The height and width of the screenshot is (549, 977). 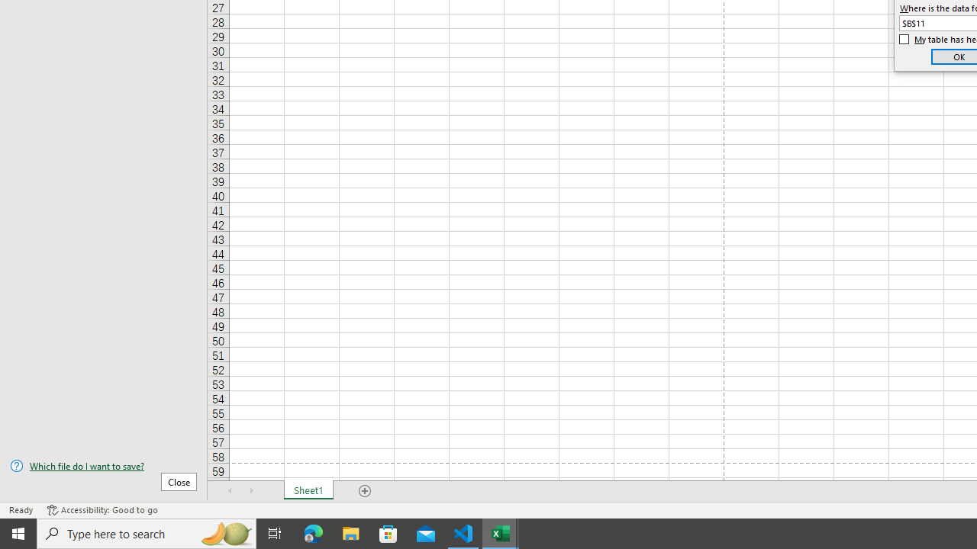 I want to click on 'Sheet1', so click(x=308, y=491).